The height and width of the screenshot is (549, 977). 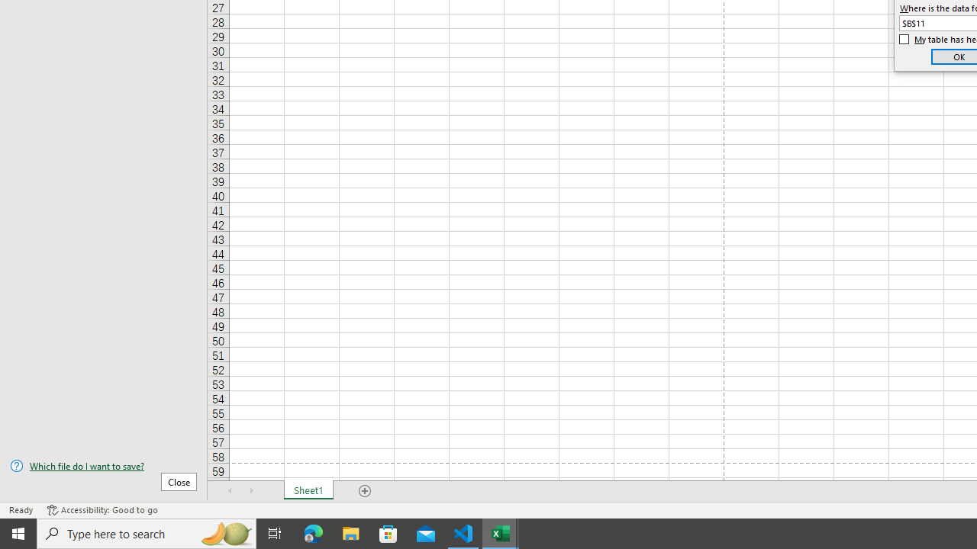 I want to click on 'Sheet1', so click(x=308, y=491).